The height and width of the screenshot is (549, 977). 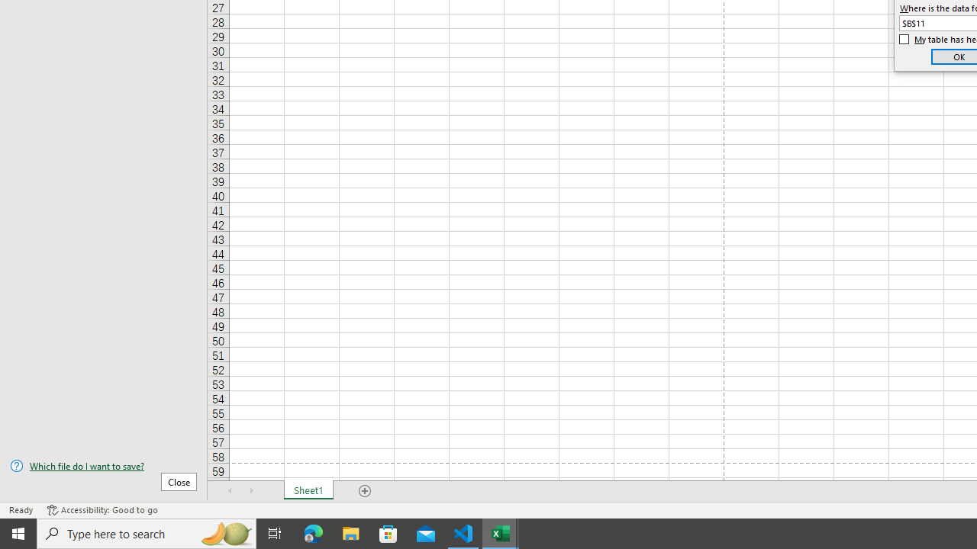 I want to click on 'Sheet1', so click(x=308, y=491).